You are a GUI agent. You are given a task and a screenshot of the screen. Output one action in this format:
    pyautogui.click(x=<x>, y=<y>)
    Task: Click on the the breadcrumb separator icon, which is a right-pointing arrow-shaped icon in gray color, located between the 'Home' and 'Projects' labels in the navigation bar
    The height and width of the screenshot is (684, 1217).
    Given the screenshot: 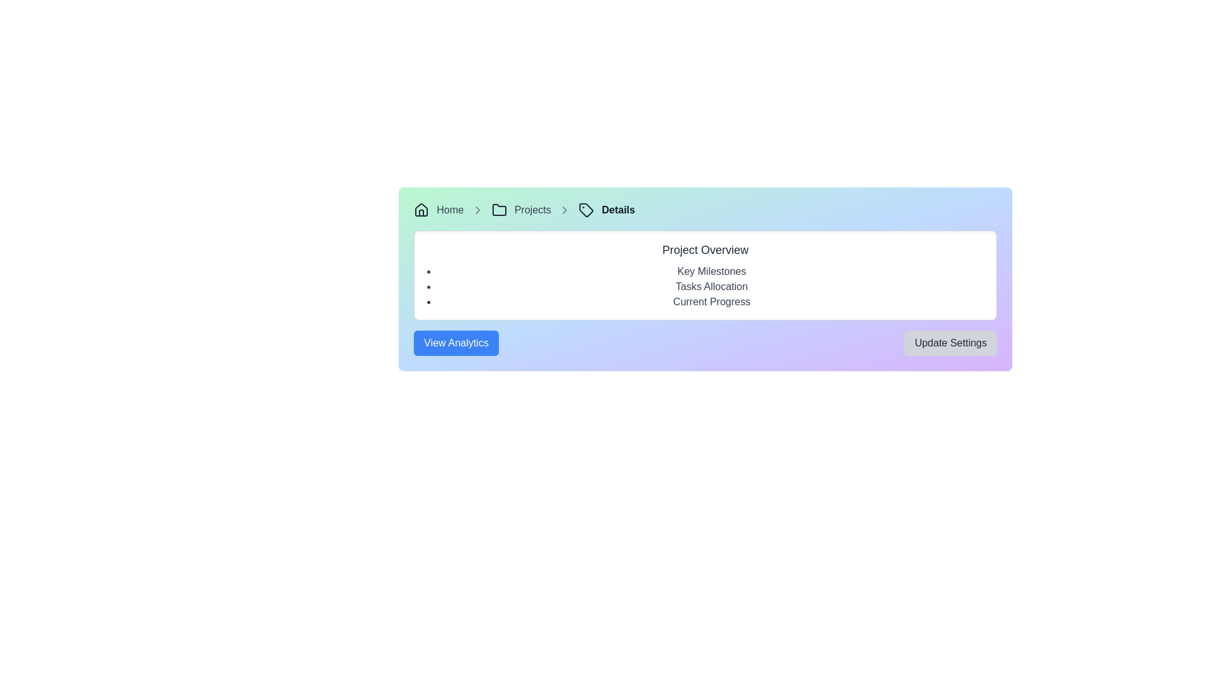 What is the action you would take?
    pyautogui.click(x=477, y=209)
    